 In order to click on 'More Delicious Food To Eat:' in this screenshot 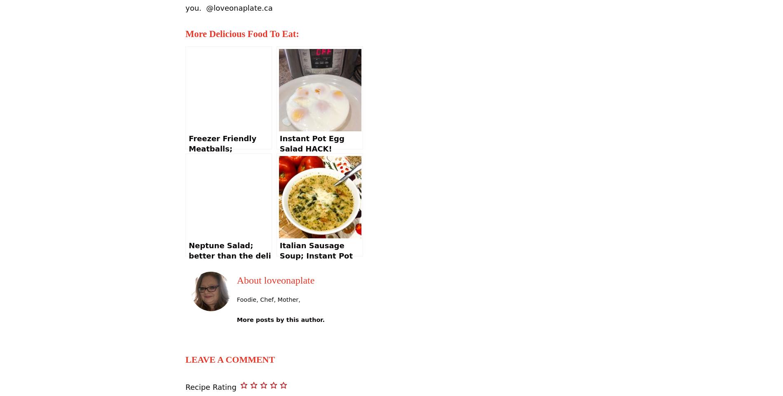, I will do `click(185, 34)`.